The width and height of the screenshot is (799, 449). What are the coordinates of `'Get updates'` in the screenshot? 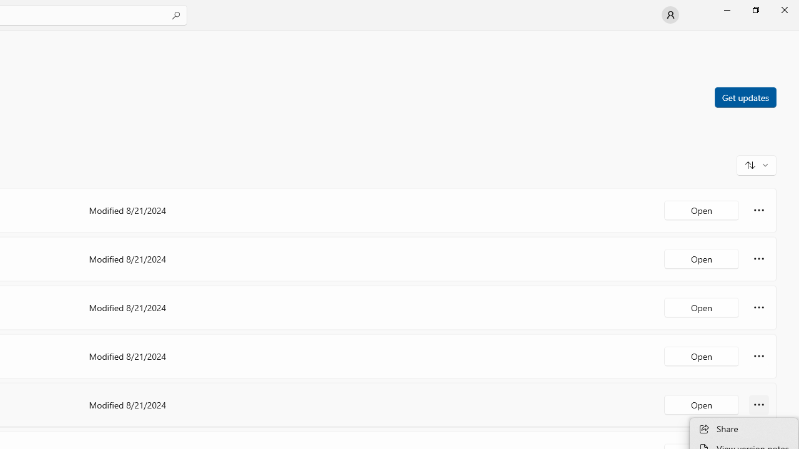 It's located at (745, 96).